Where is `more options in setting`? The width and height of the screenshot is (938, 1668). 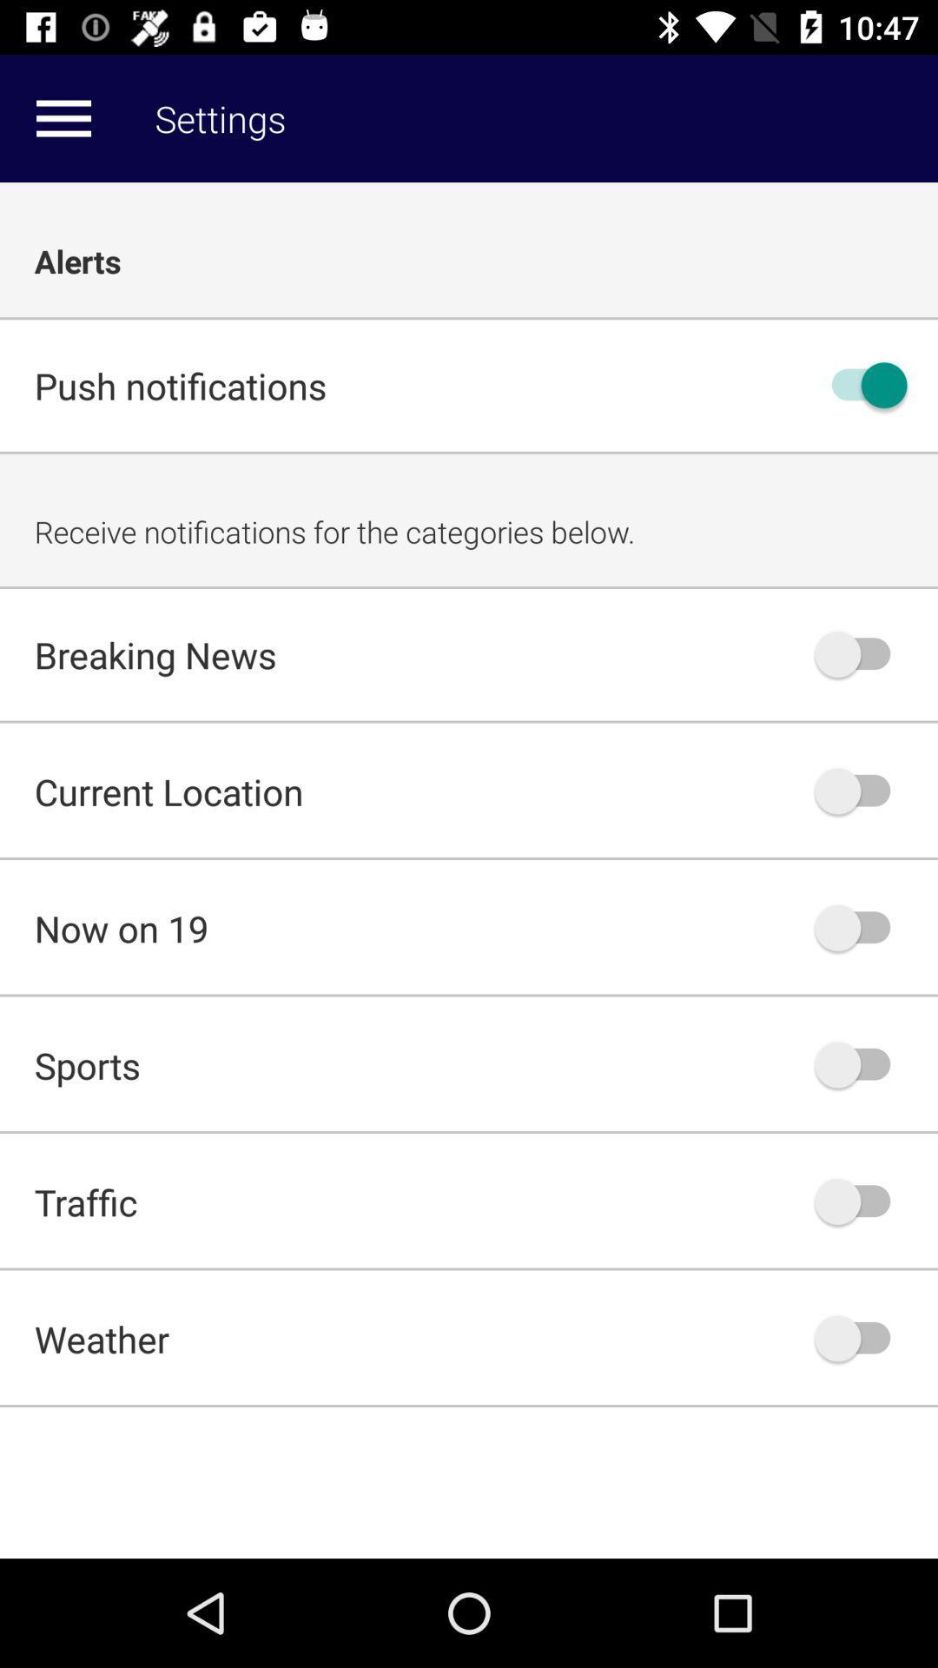
more options in setting is located at coordinates (63, 117).